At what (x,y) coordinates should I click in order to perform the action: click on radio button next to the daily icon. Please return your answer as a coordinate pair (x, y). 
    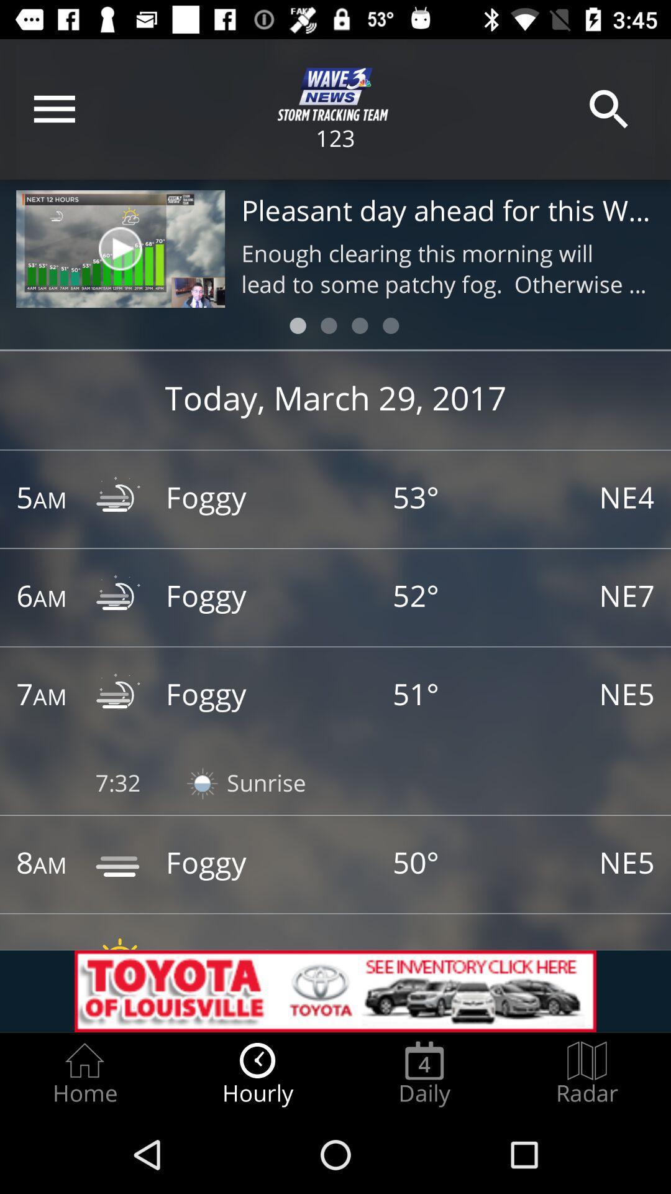
    Looking at the image, I should click on (587, 1073).